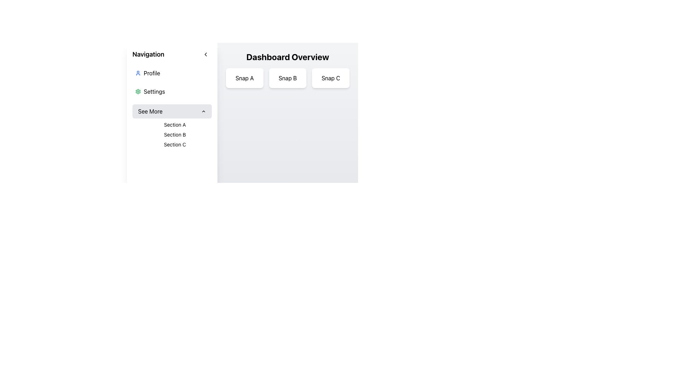 The image size is (680, 382). What do you see at coordinates (175, 135) in the screenshot?
I see `the 'Section B' text label, which is the second item in the vertical list of labeled sections in the left-hand navigation panel` at bounding box center [175, 135].